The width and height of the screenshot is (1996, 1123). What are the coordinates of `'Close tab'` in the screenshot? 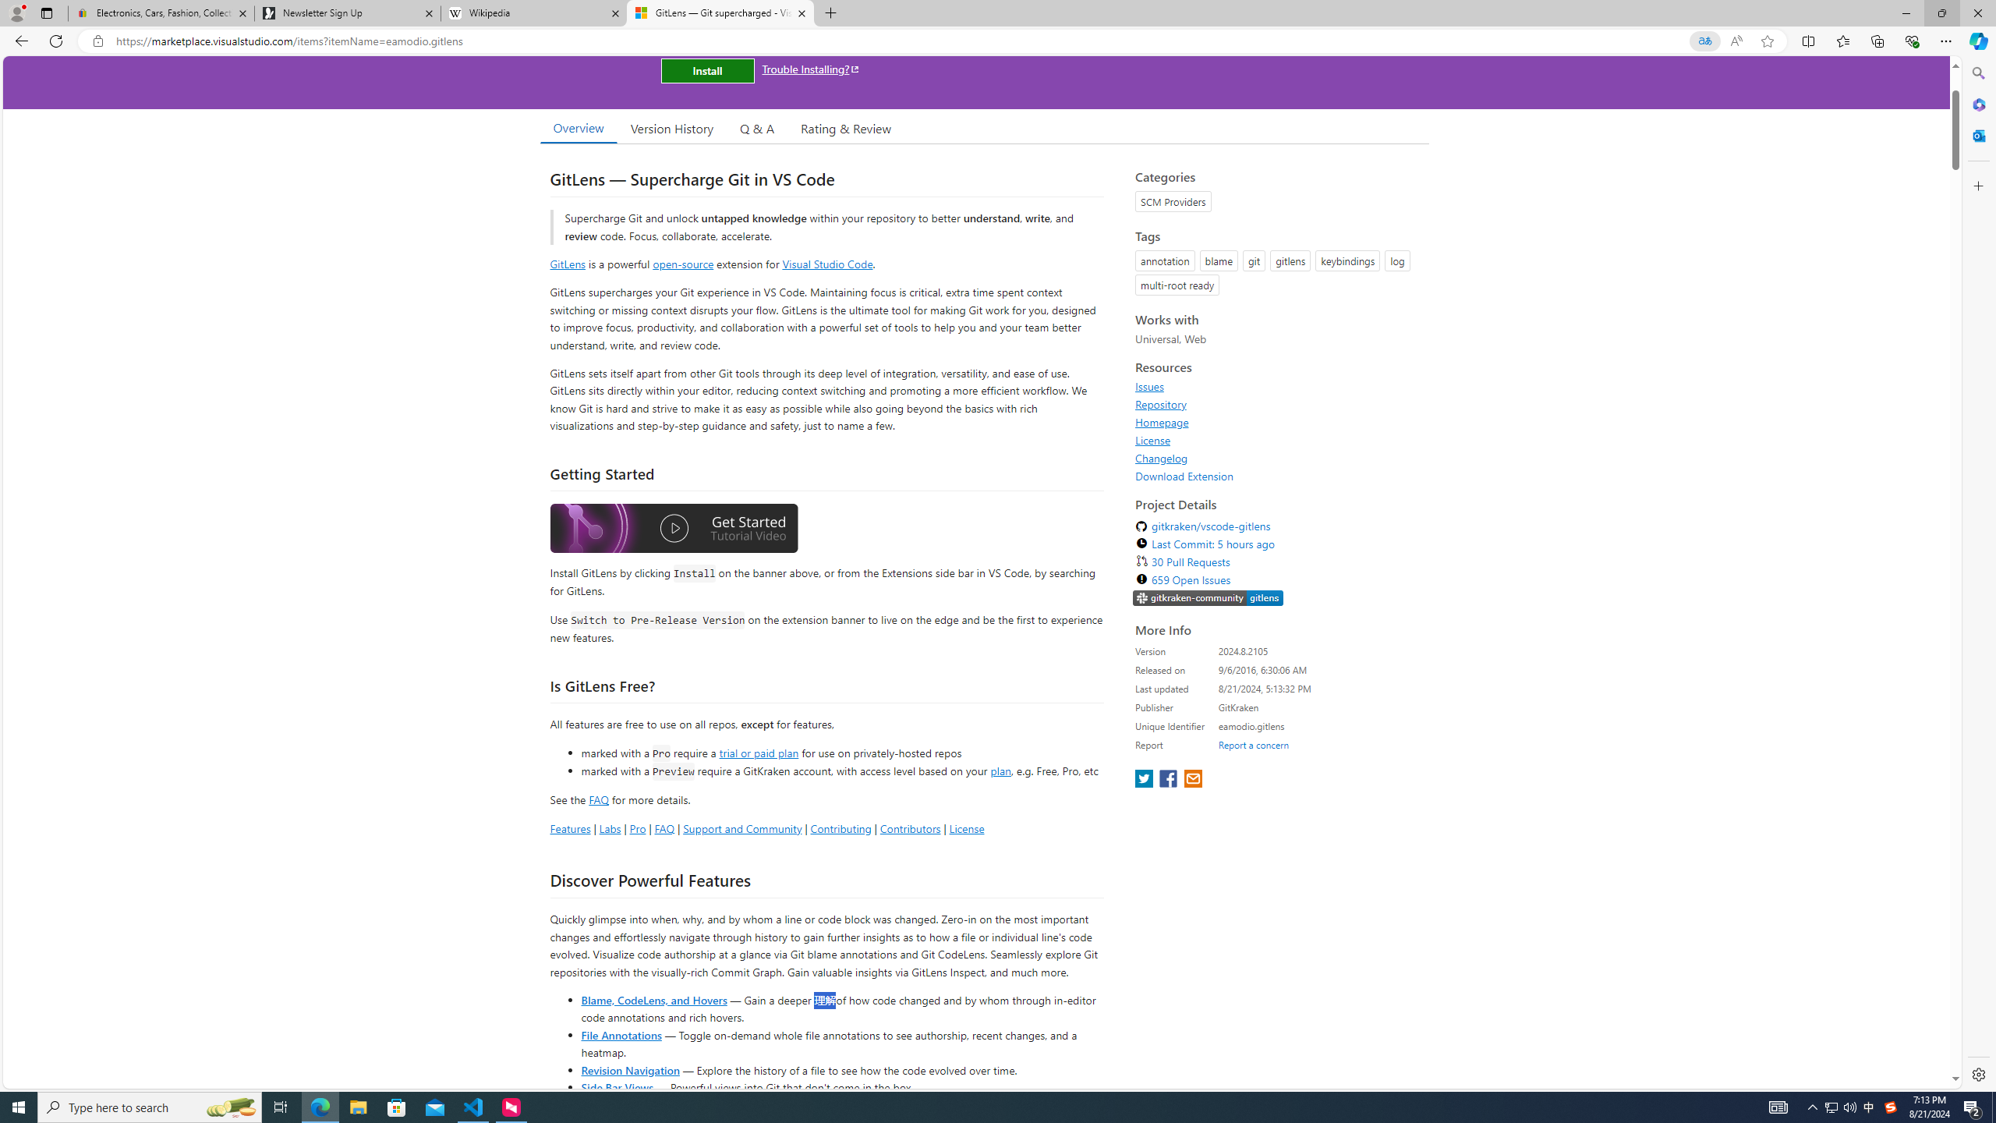 It's located at (801, 12).